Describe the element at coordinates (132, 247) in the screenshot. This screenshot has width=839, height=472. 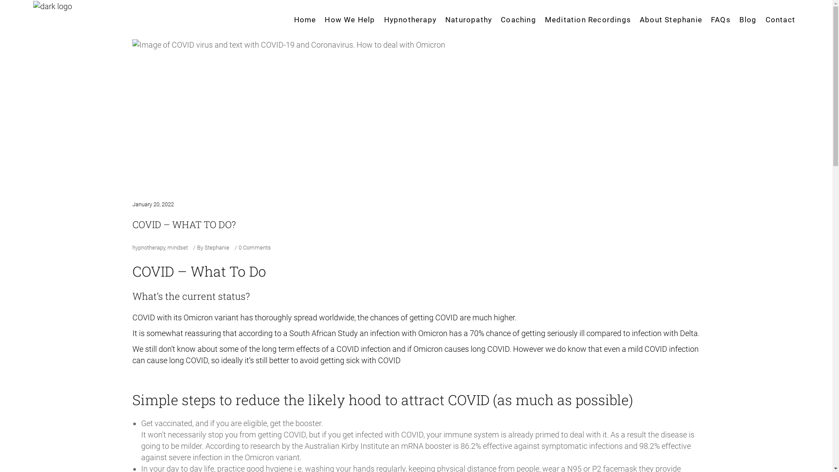
I see `'hypnotherapy'` at that location.